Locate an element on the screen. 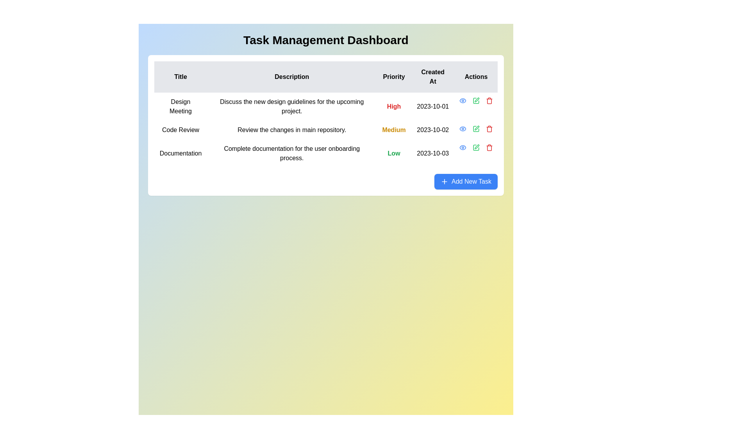 Image resolution: width=750 pixels, height=422 pixels. the Text Label displaying 'Design Meeting' which is located in the first row under the 'Title' column in the table is located at coordinates (180, 107).